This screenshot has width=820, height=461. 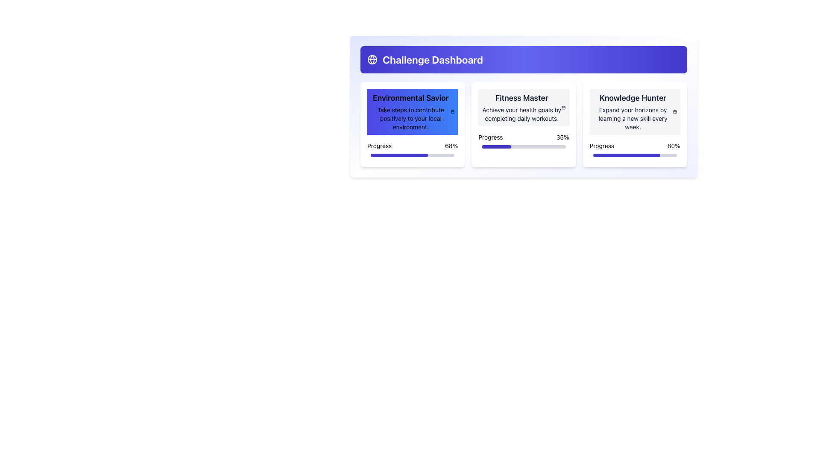 What do you see at coordinates (410, 98) in the screenshot?
I see `the text label displaying 'Environmental Savior', which is a bold and large title styled over a blue background in the top-left quadrant of its card` at bounding box center [410, 98].